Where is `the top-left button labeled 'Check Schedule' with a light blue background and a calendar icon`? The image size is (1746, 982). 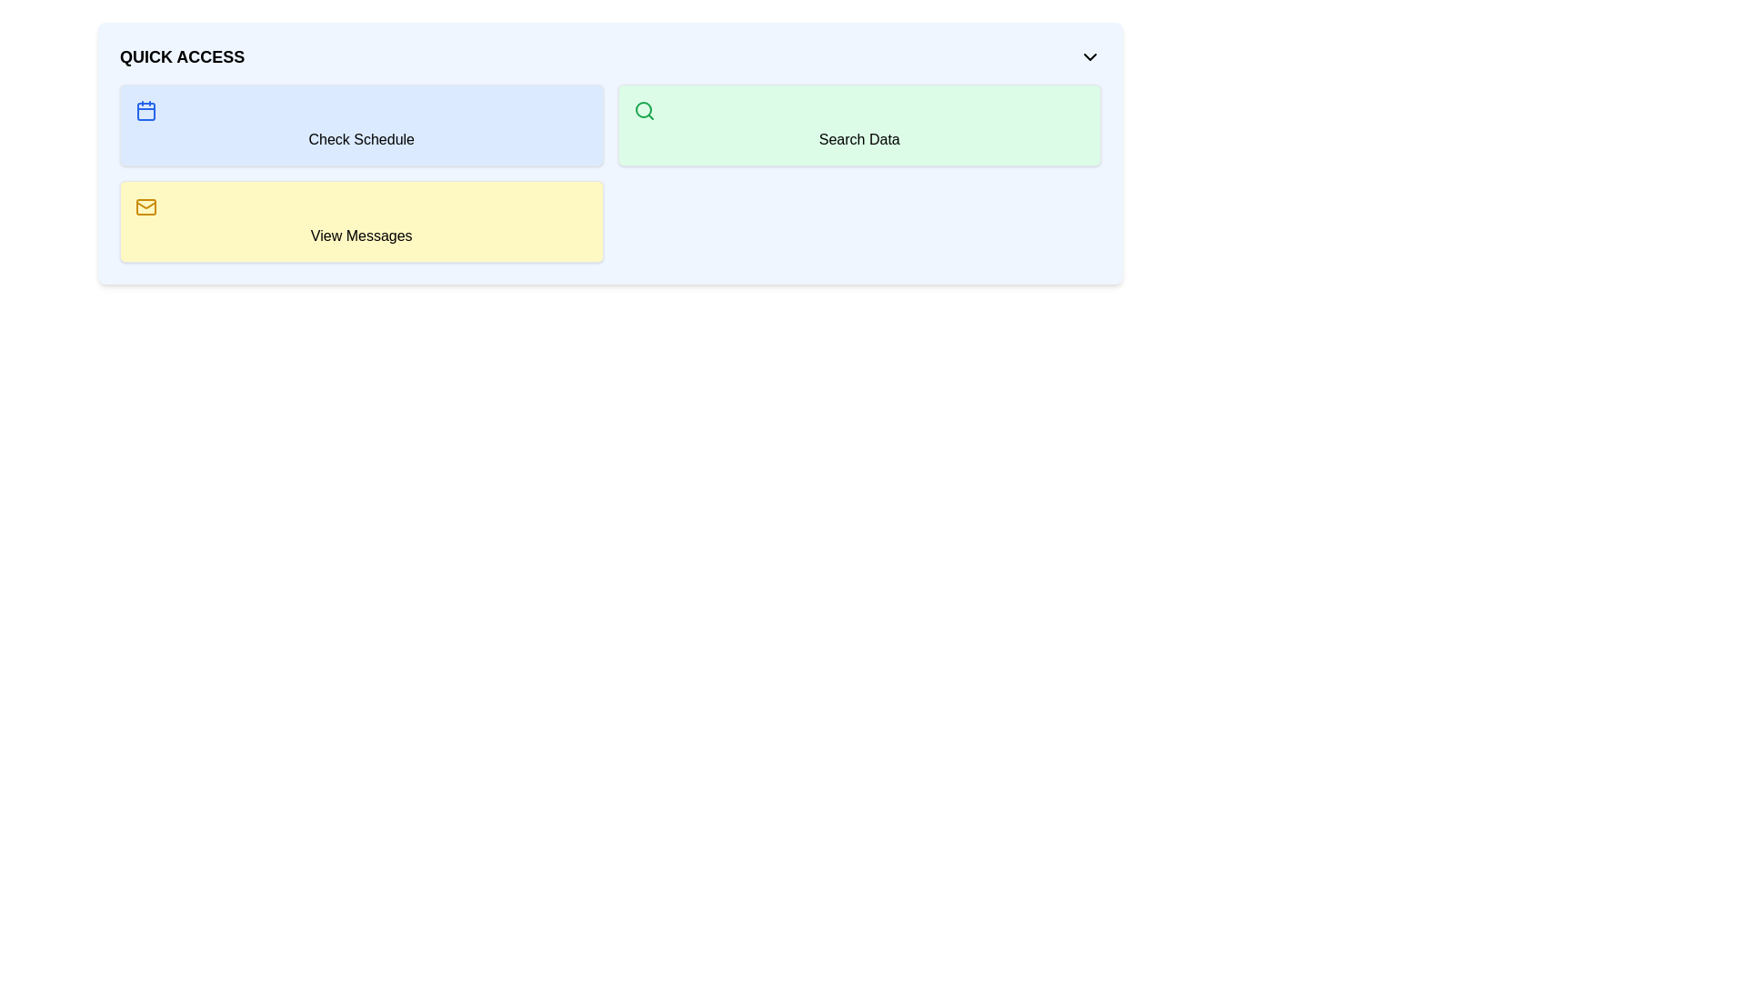
the top-left button labeled 'Check Schedule' with a light blue background and a calendar icon is located at coordinates (361, 125).